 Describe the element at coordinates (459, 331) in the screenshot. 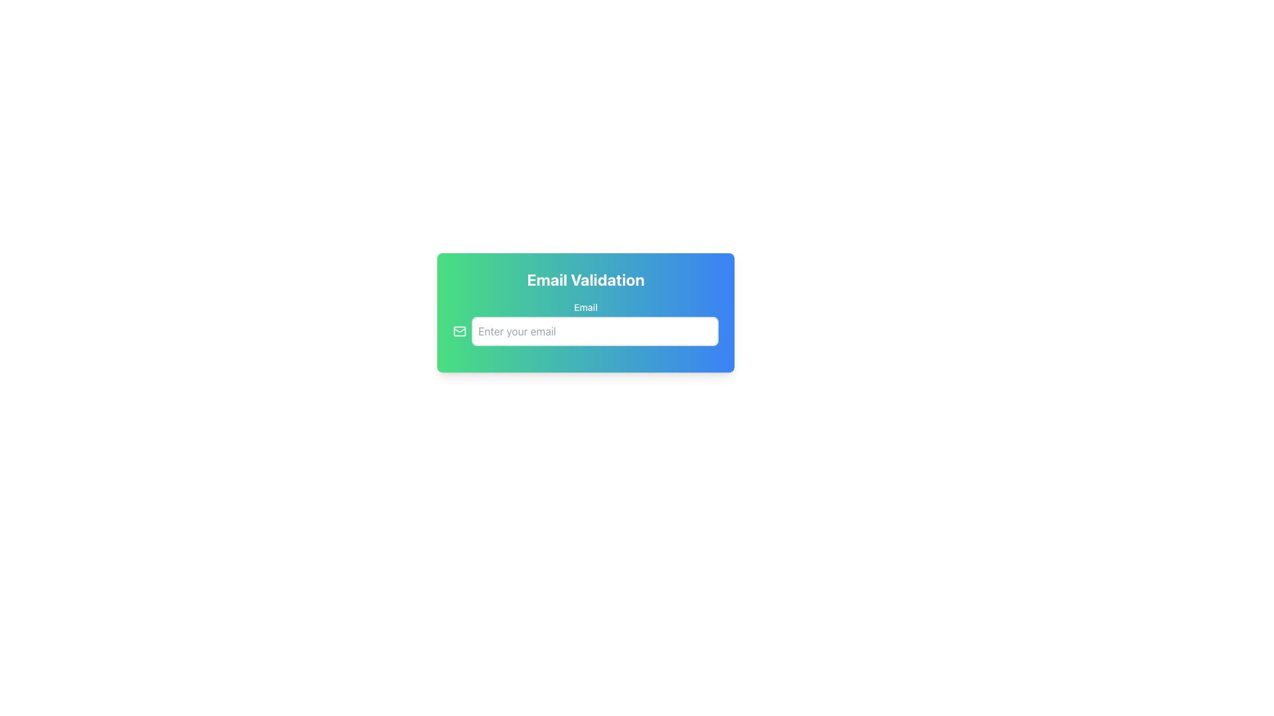

I see `the envelope icon representing email, which is styled with white strokes on a transparent background and located to the left of the email input field` at that location.